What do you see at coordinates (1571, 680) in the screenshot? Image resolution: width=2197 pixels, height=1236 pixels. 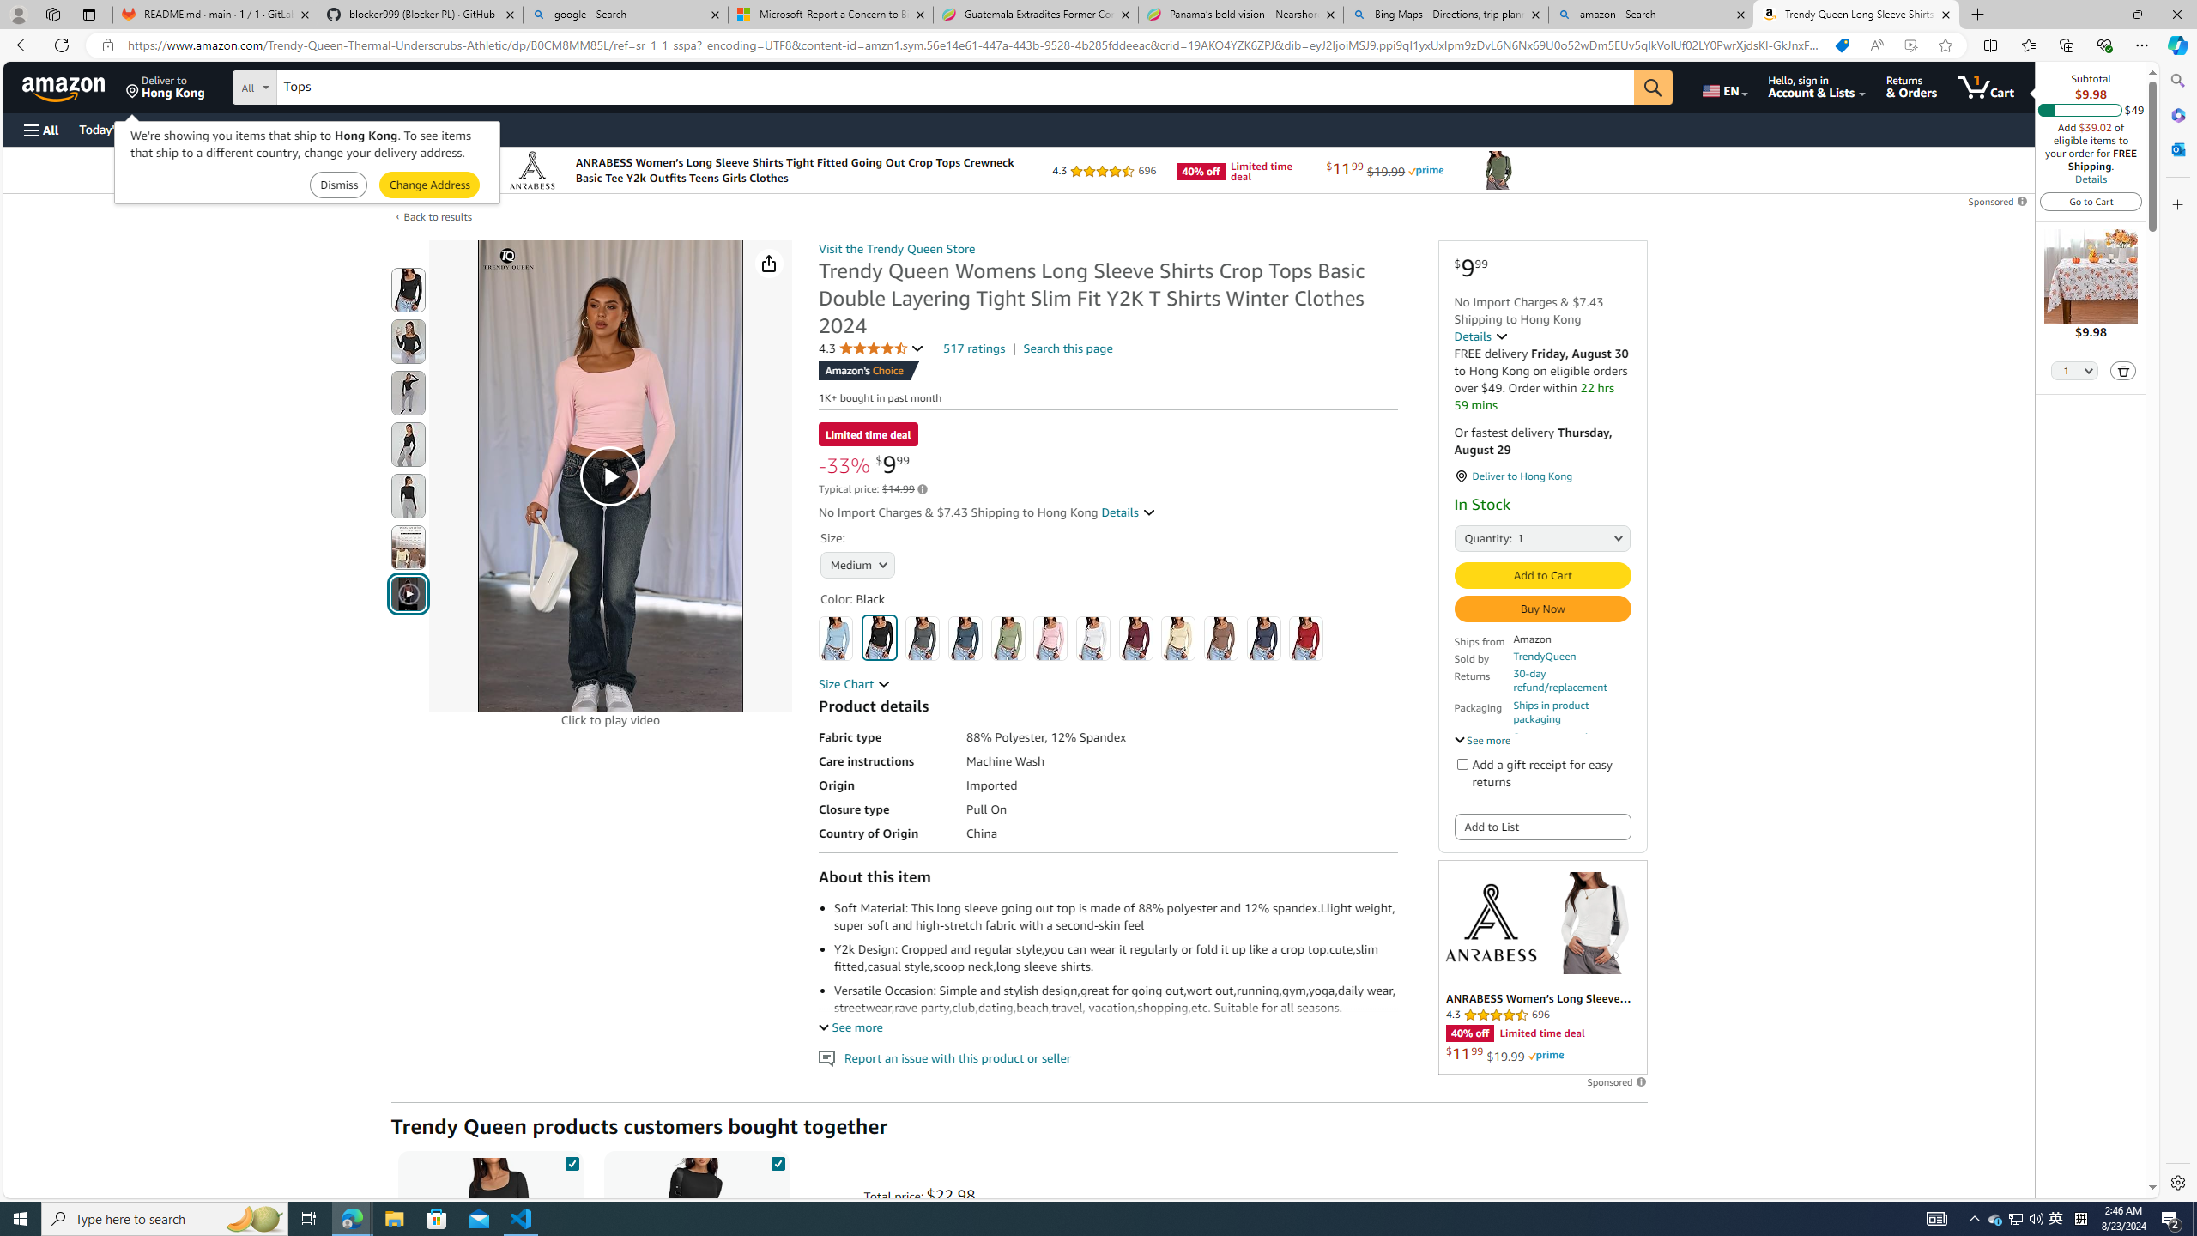 I see `'30-day refund/replacement'` at bounding box center [1571, 680].